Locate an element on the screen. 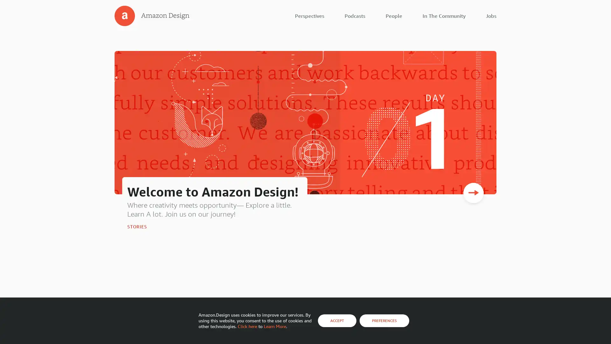 The height and width of the screenshot is (344, 611). PREFERENCES is located at coordinates (384, 320).